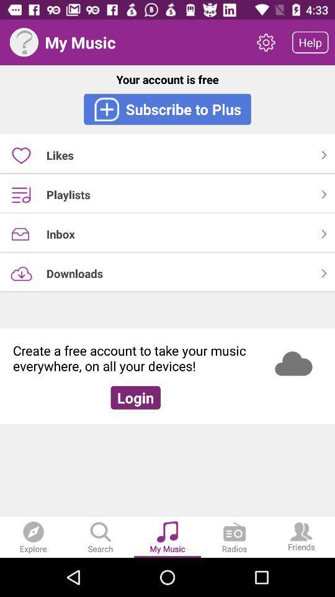 This screenshot has height=597, width=335. Describe the element at coordinates (24, 42) in the screenshot. I see `help selection` at that location.